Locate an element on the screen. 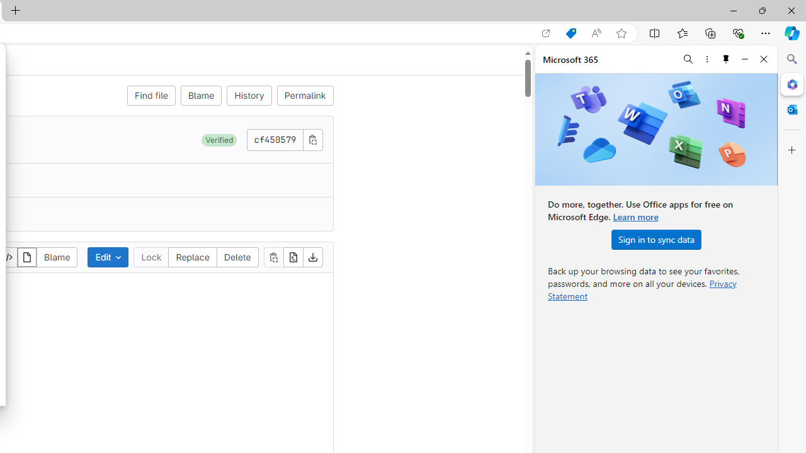 The width and height of the screenshot is (806, 453). 'Browser essentials' is located at coordinates (737, 32).